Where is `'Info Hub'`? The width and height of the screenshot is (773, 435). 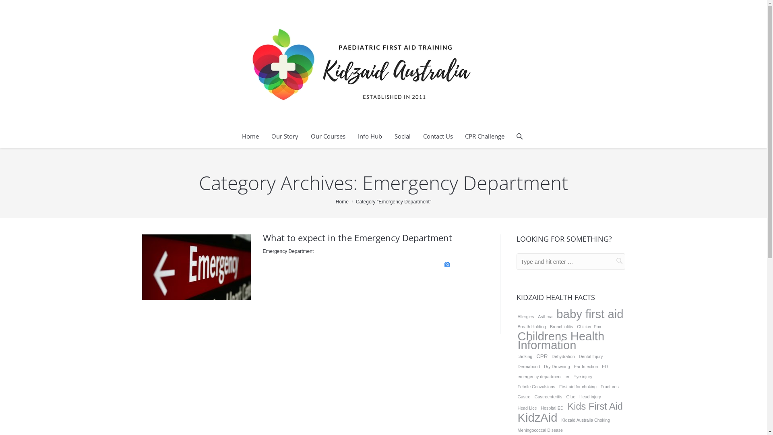 'Info Hub' is located at coordinates (369, 136).